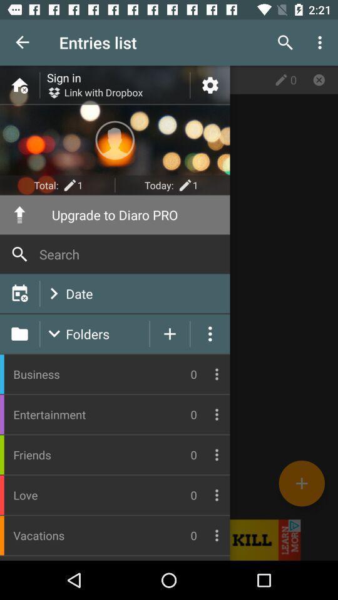 The height and width of the screenshot is (600, 338). What do you see at coordinates (319, 79) in the screenshot?
I see `the close icon` at bounding box center [319, 79].